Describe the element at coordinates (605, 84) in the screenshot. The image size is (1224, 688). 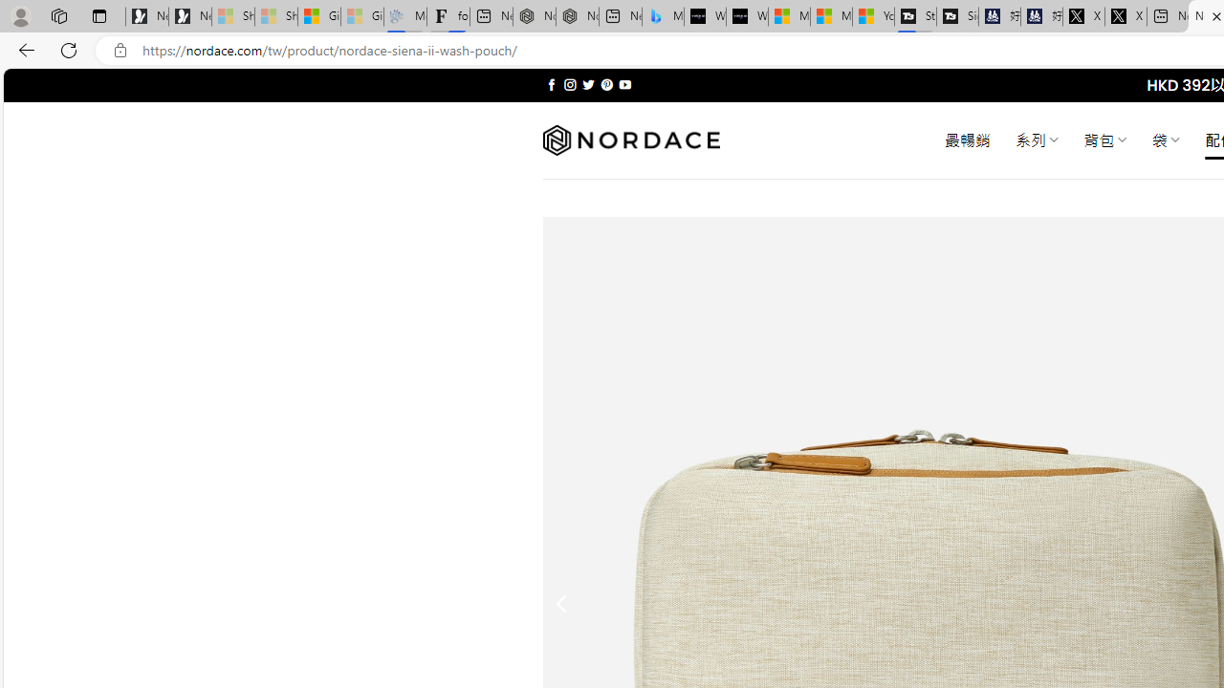
I see `'Follow on Pinterest'` at that location.